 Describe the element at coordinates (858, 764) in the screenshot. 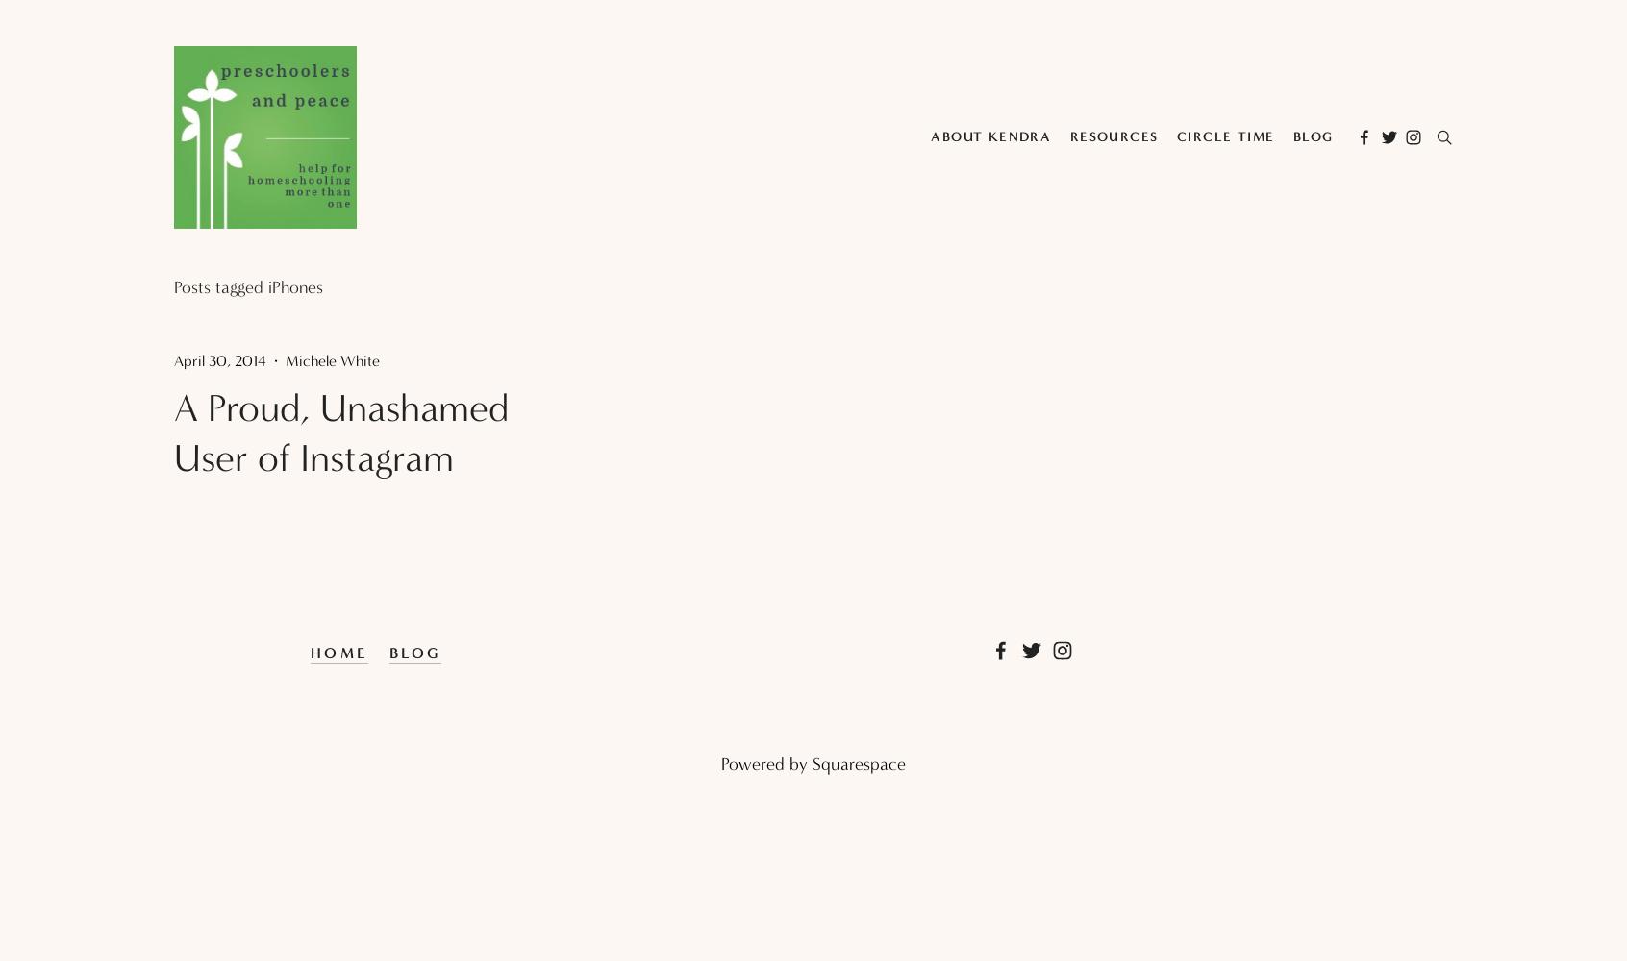

I see `'Squarespace'` at that location.